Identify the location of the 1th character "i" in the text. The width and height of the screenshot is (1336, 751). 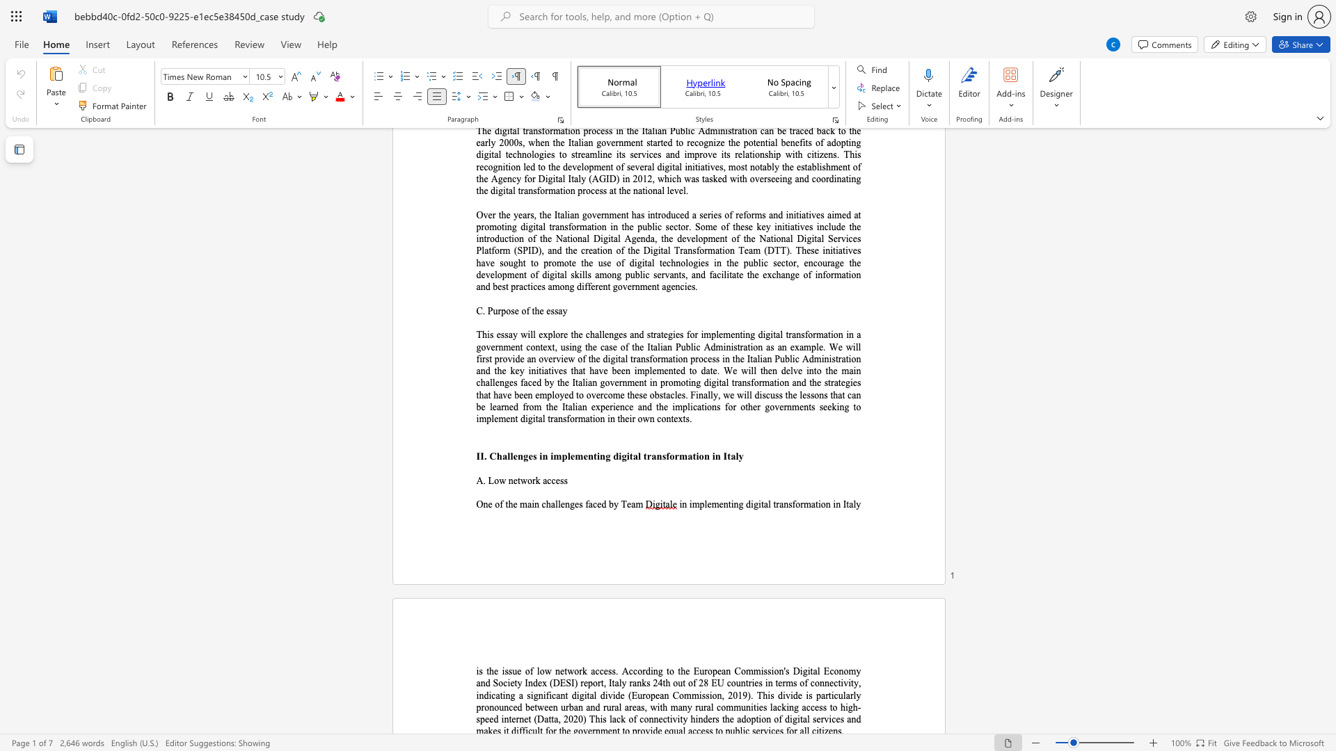
(477, 695).